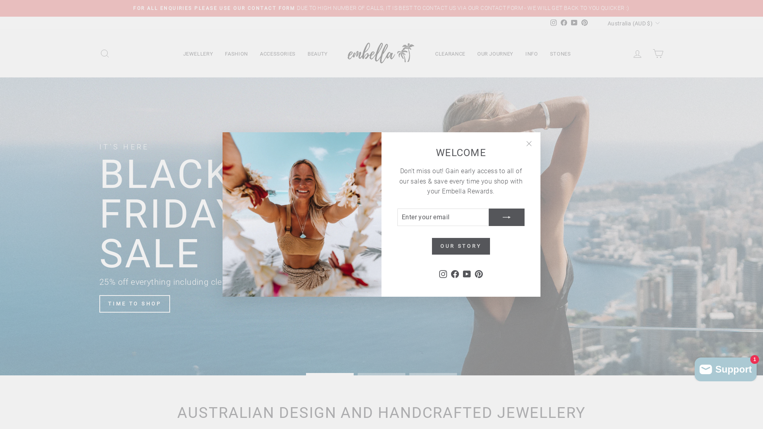  Describe the element at coordinates (632, 23) in the screenshot. I see `'Australia (AUD $)'` at that location.